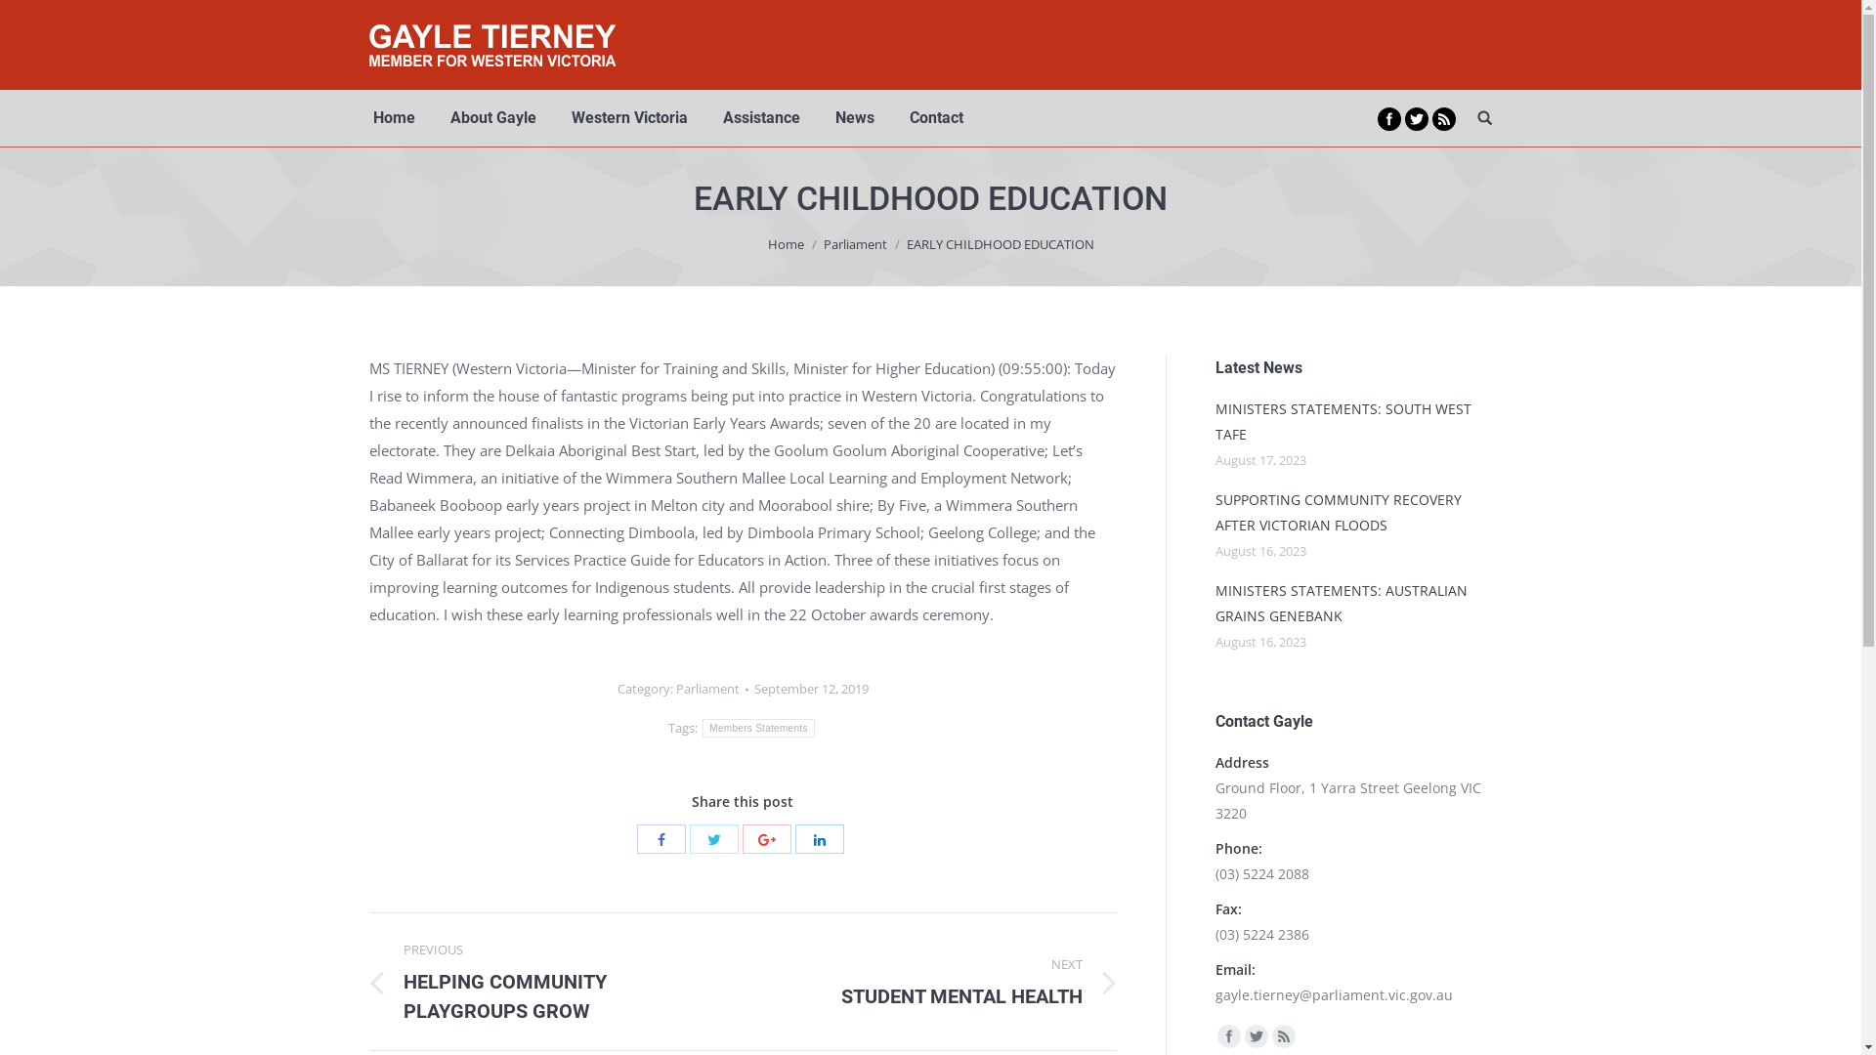 This screenshot has height=1055, width=1876. What do you see at coordinates (393, 117) in the screenshot?
I see `'Home'` at bounding box center [393, 117].